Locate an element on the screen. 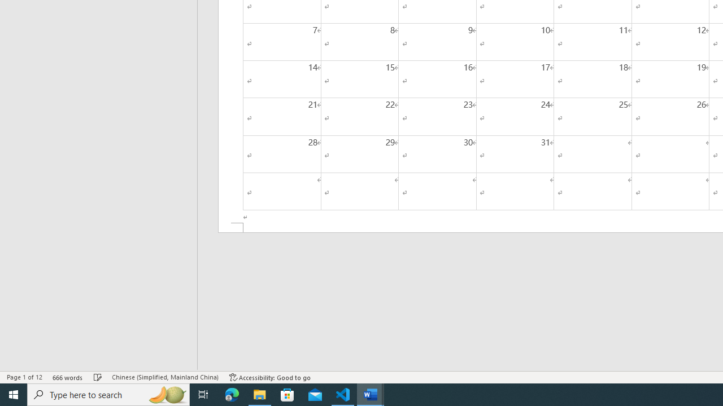 The width and height of the screenshot is (723, 406). 'Accessibility Checker Accessibility: Good to go' is located at coordinates (269, 377).